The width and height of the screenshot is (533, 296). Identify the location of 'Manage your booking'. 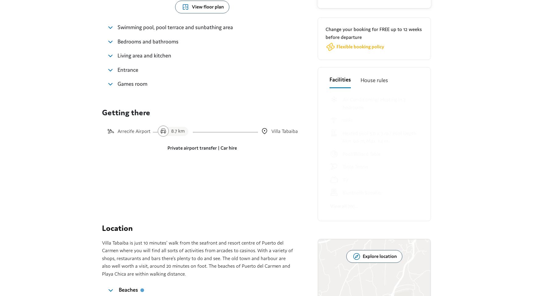
(202, 270).